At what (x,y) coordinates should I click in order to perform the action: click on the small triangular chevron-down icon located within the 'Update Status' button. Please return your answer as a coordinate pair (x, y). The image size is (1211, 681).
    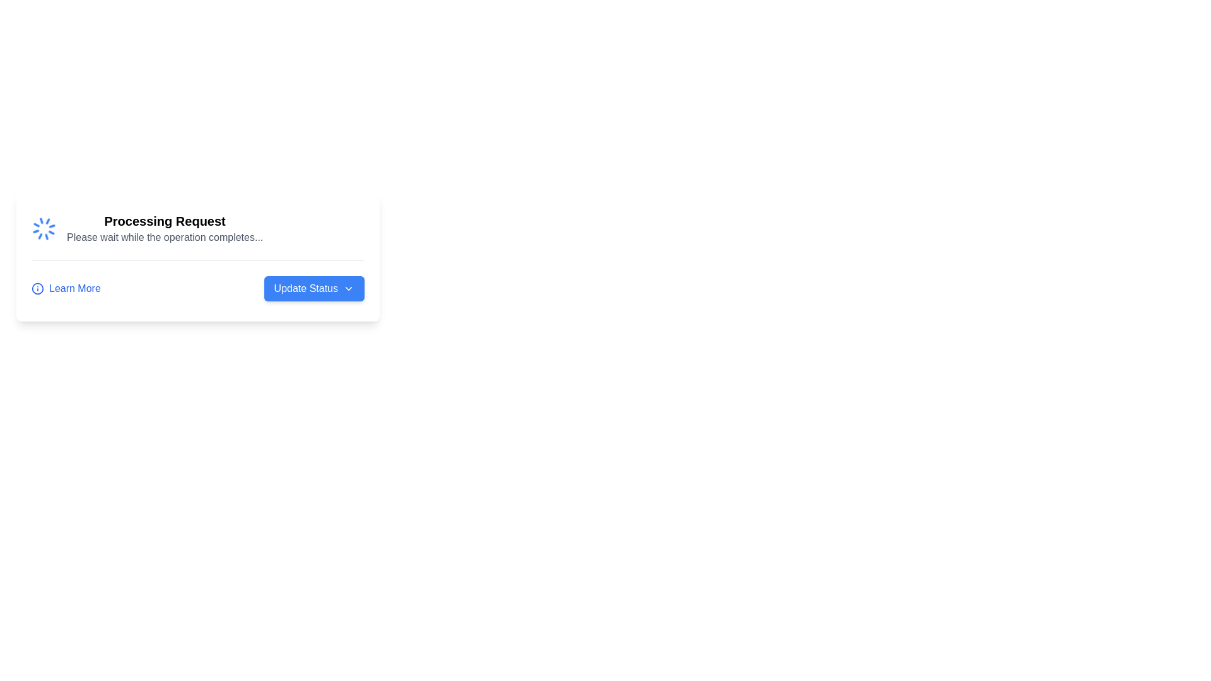
    Looking at the image, I should click on (348, 289).